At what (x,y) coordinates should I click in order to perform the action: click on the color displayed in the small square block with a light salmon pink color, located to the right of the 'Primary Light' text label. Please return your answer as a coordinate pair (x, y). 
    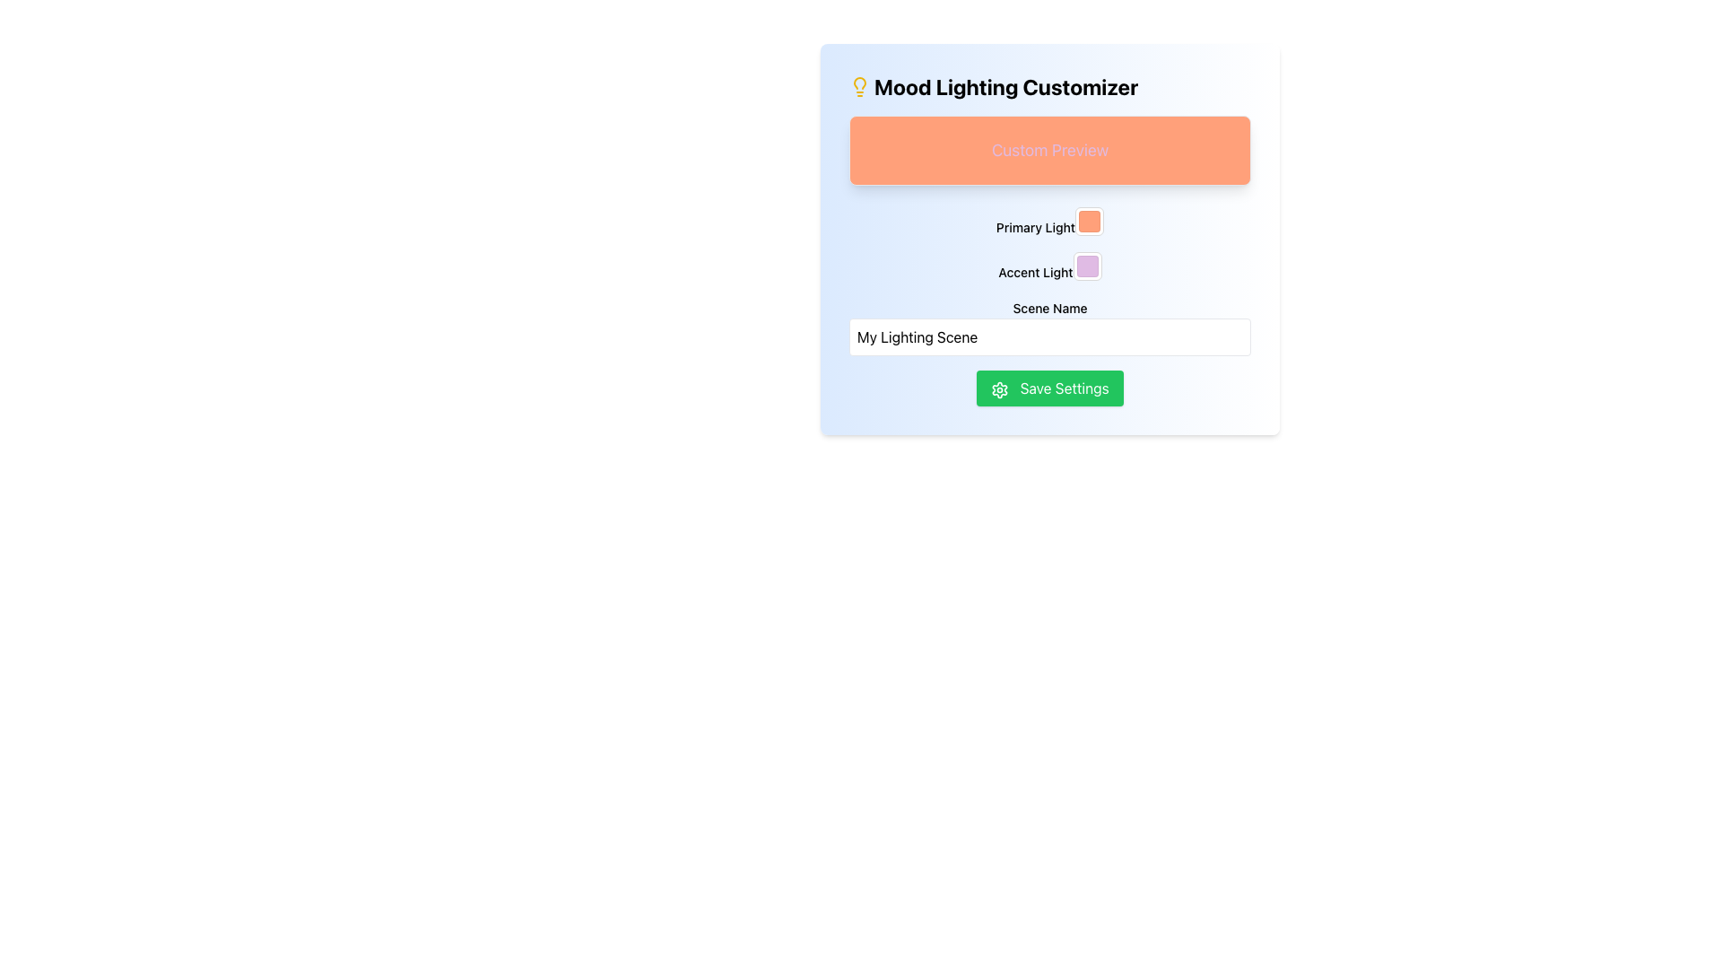
    Looking at the image, I should click on (1089, 220).